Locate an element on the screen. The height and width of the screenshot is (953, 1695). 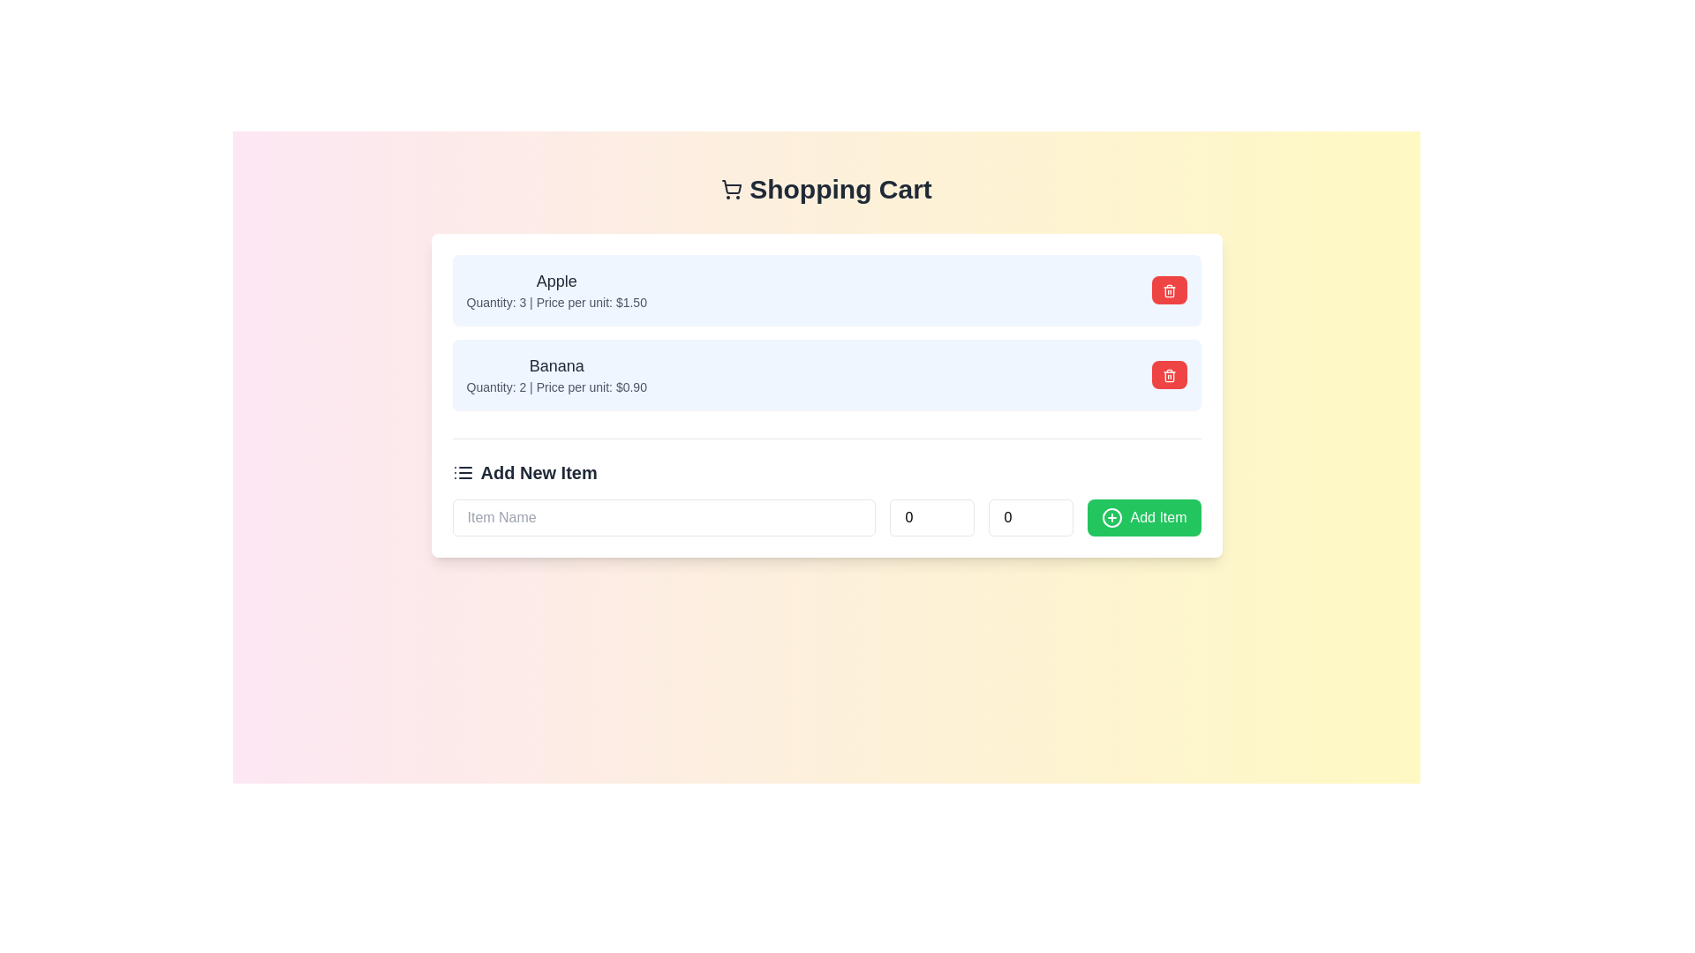
the second red trash can icon, which represents the delete operation for the 'Banana' item in the shopping cart is located at coordinates (1169, 374).